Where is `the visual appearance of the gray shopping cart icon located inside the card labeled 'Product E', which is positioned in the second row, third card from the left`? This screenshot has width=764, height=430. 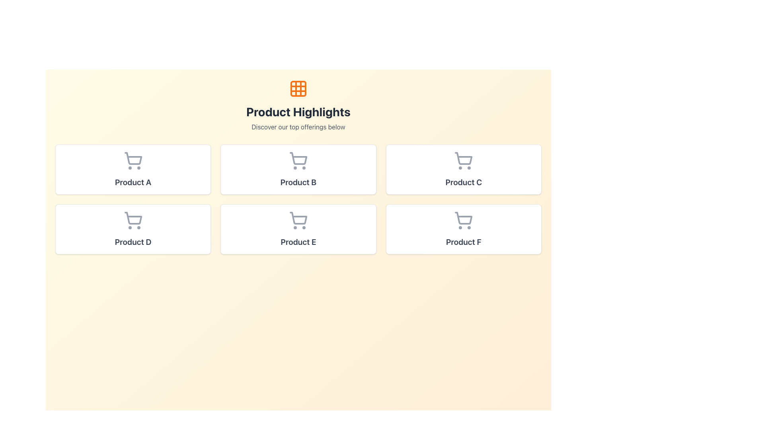 the visual appearance of the gray shopping cart icon located inside the card labeled 'Product E', which is positioned in the second row, third card from the left is located at coordinates (298, 218).